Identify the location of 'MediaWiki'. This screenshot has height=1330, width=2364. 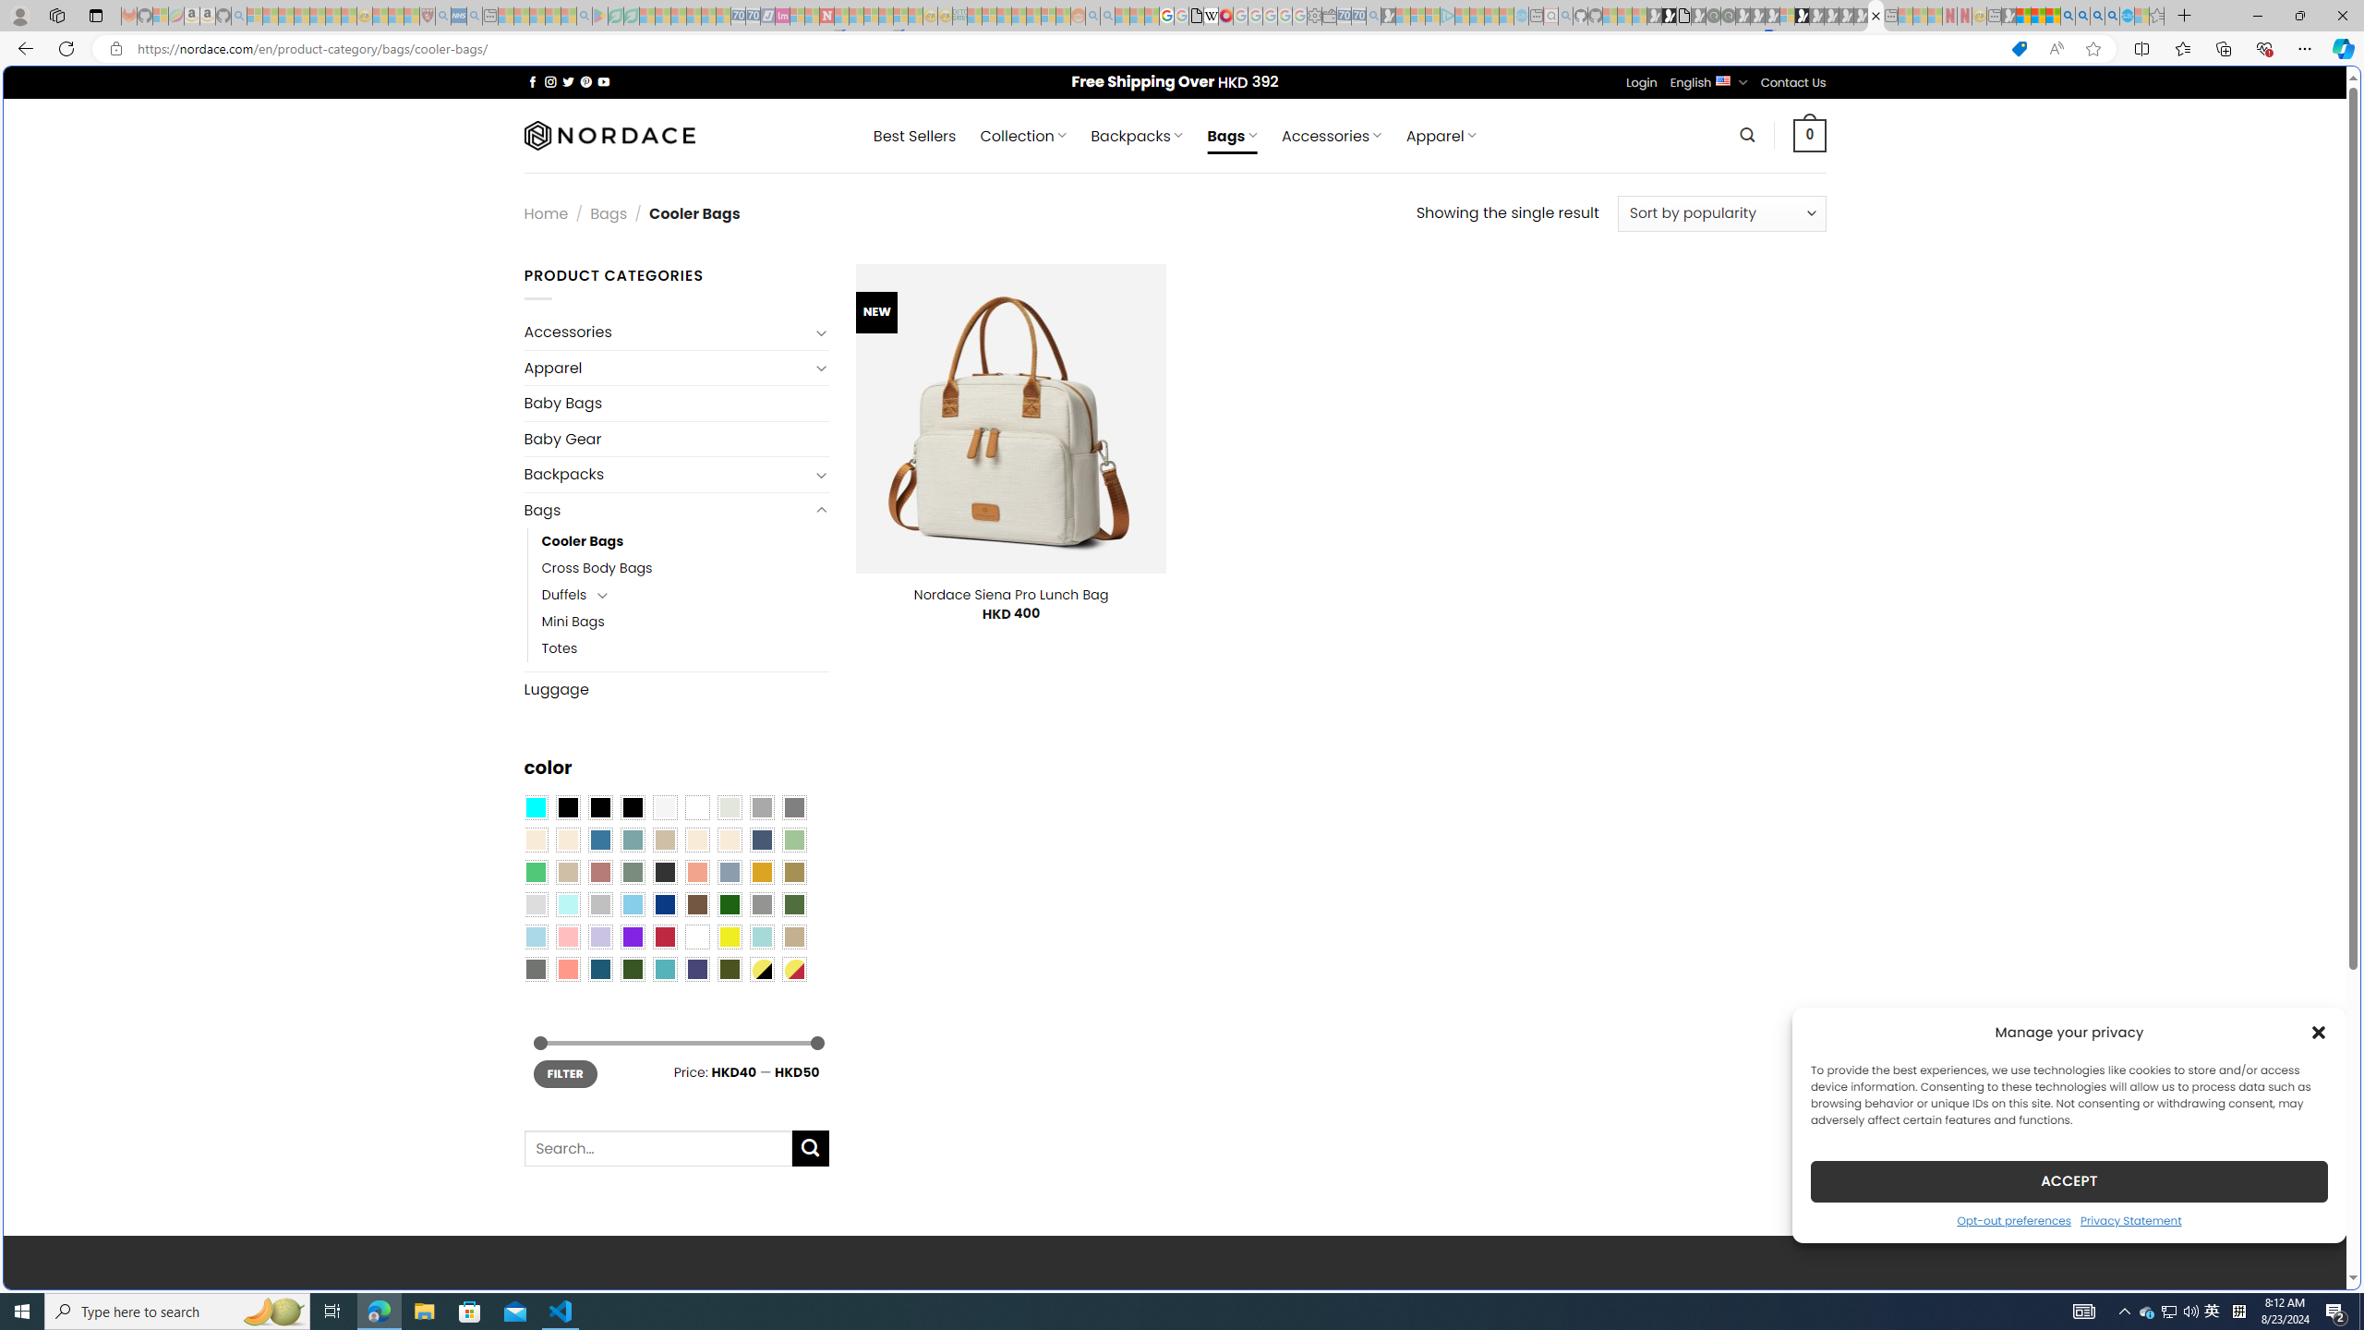
(1224, 15).